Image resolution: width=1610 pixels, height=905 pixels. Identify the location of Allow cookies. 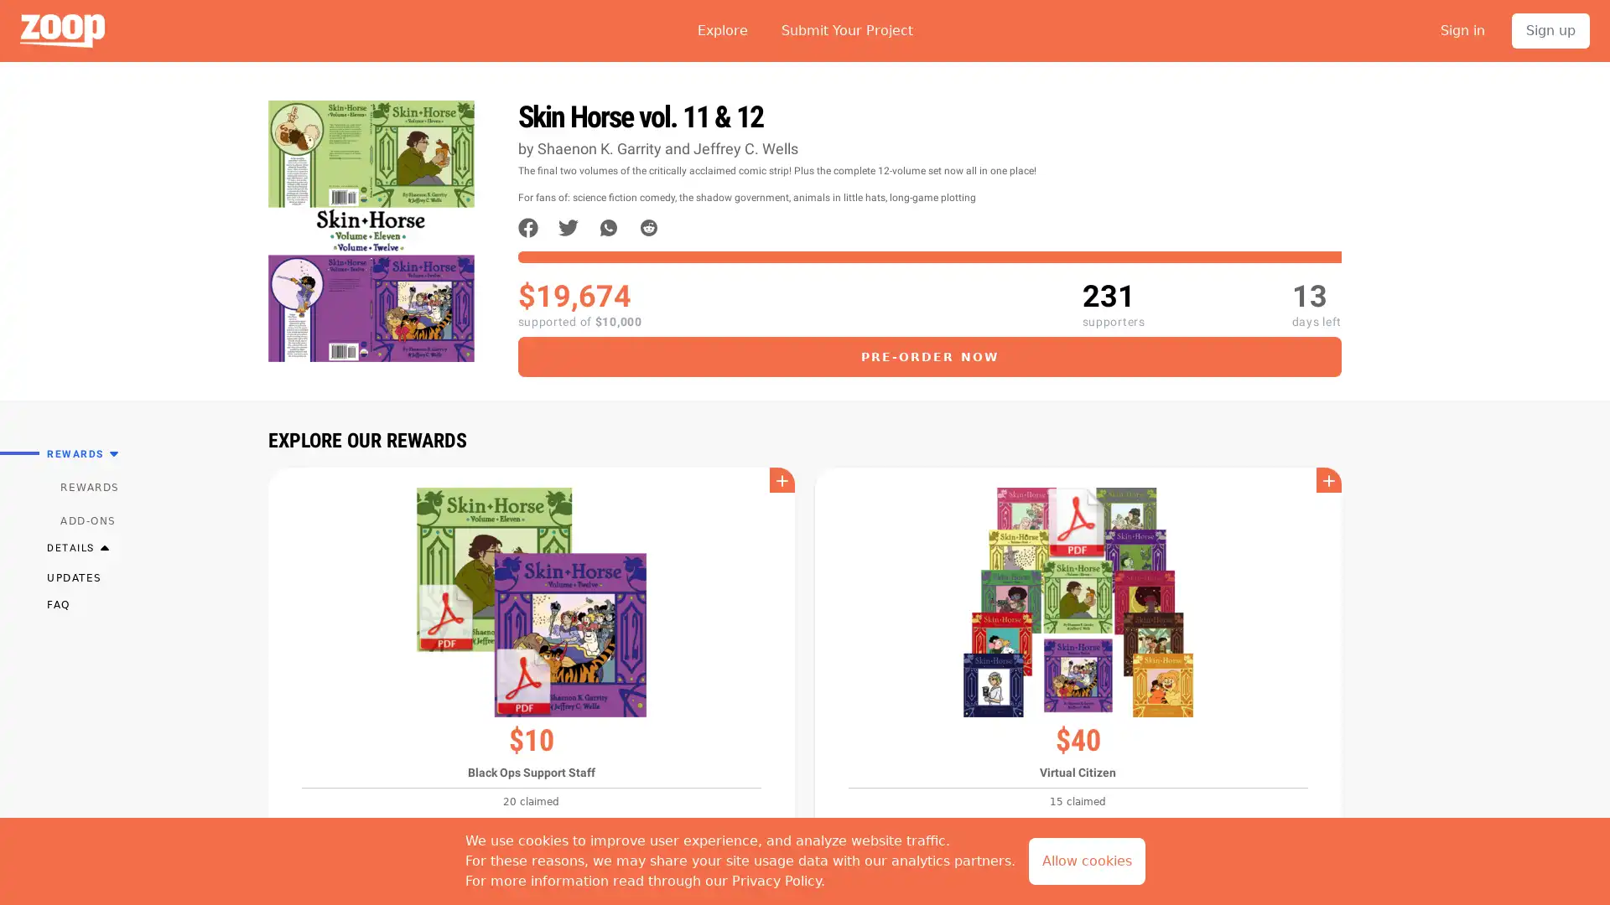
(1086, 861).